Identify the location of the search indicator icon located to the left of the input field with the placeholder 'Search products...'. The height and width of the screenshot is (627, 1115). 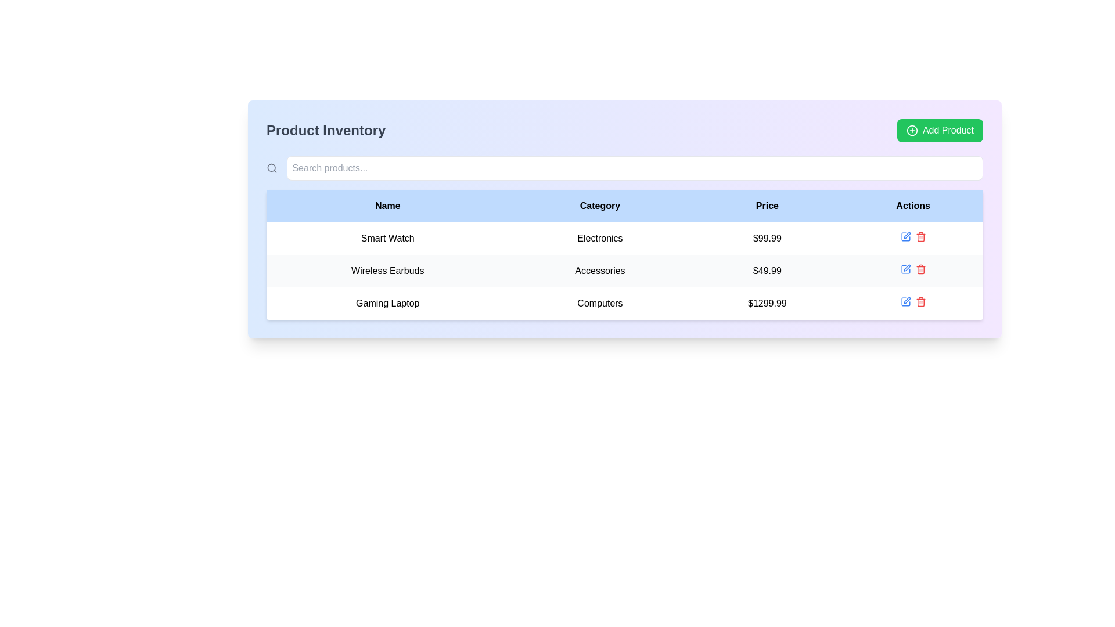
(271, 168).